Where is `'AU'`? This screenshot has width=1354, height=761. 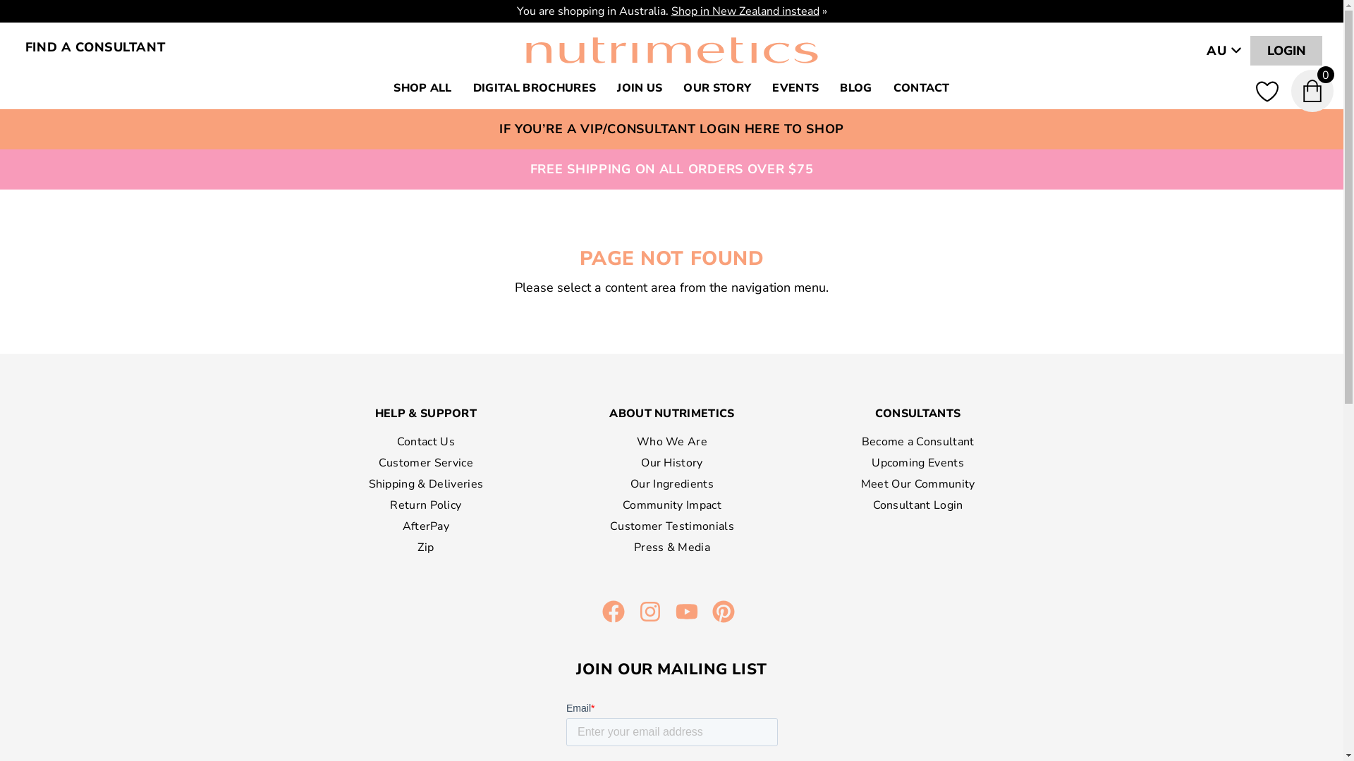 'AU' is located at coordinates (1197, 50).